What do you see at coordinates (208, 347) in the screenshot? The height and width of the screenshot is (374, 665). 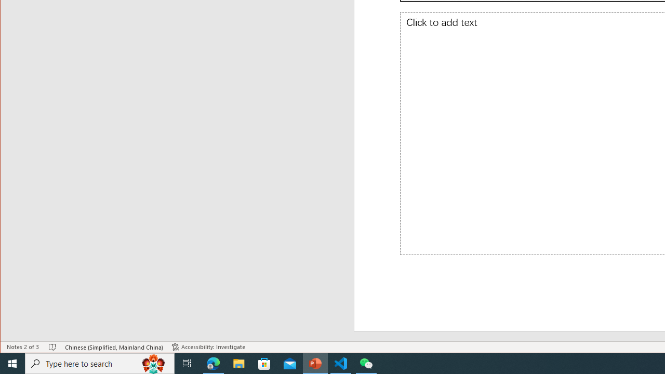 I see `'Accessibility Checker Accessibility: Investigate'` at bounding box center [208, 347].